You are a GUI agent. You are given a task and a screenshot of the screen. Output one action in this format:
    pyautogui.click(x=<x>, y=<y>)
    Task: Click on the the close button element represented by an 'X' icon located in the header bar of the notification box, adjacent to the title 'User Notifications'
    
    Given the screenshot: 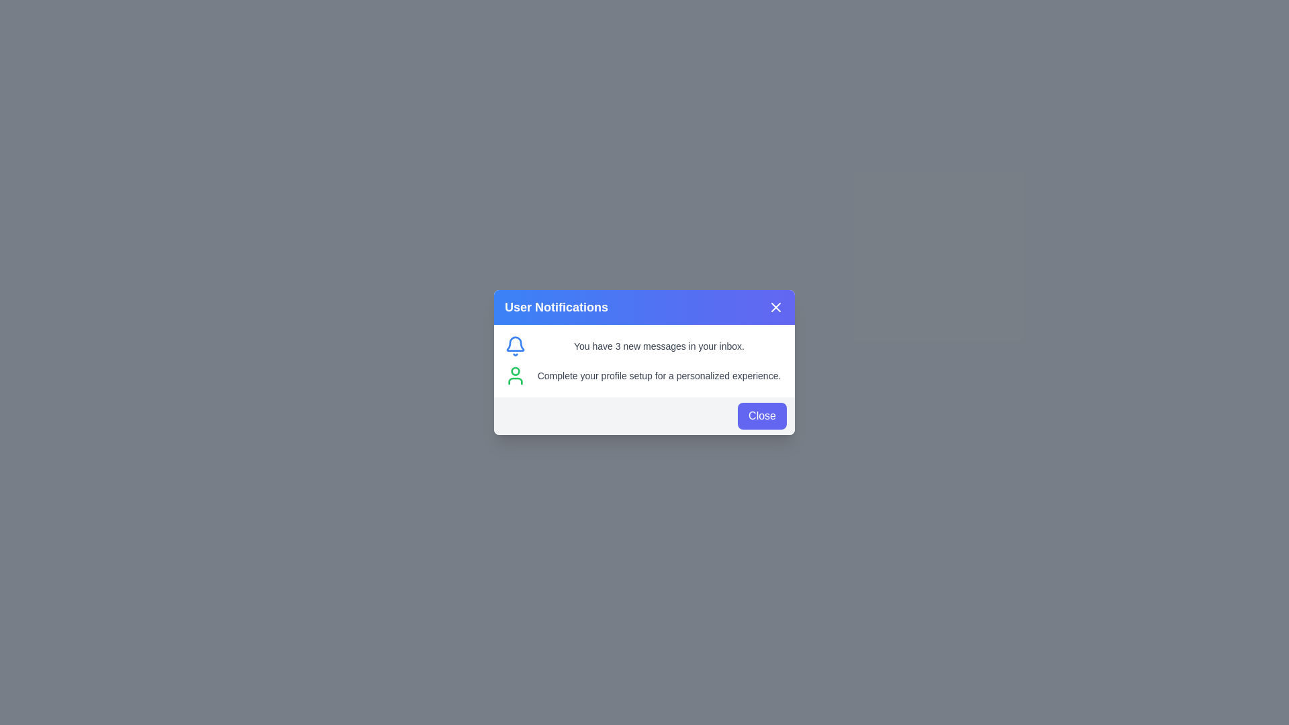 What is the action you would take?
    pyautogui.click(x=776, y=307)
    